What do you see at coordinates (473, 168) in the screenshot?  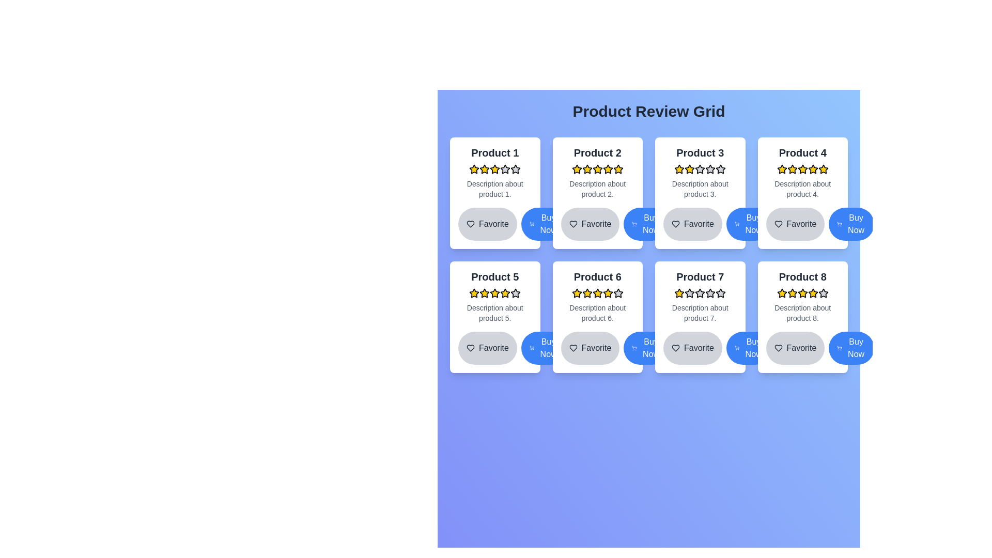 I see `the first filled star icon in the 5-star rating system for 'Product 1' to interact with the rating component` at bounding box center [473, 168].